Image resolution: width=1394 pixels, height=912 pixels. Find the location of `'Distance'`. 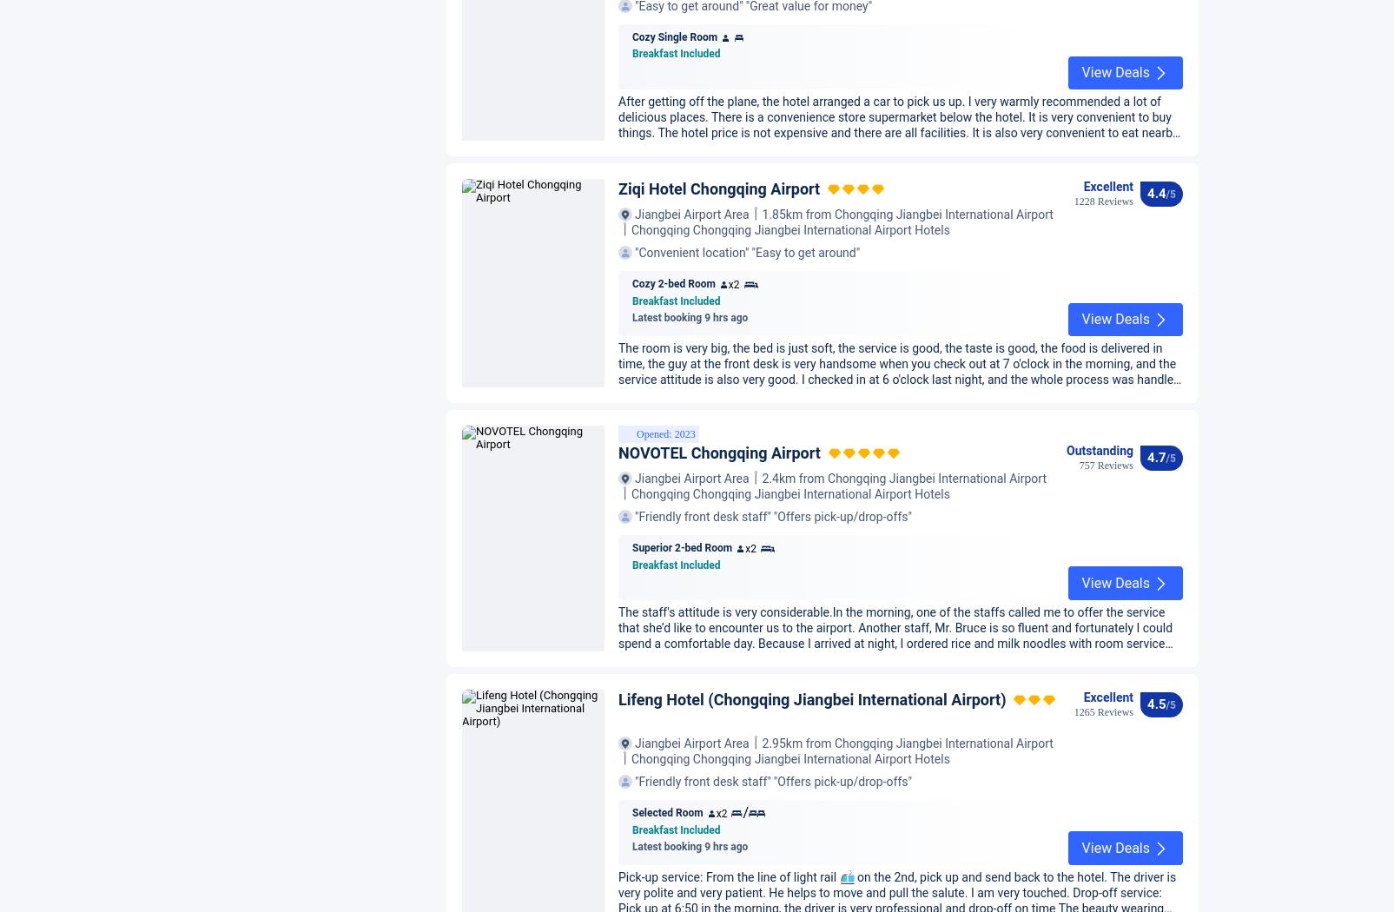

'Distance' is located at coordinates (1122, 63).